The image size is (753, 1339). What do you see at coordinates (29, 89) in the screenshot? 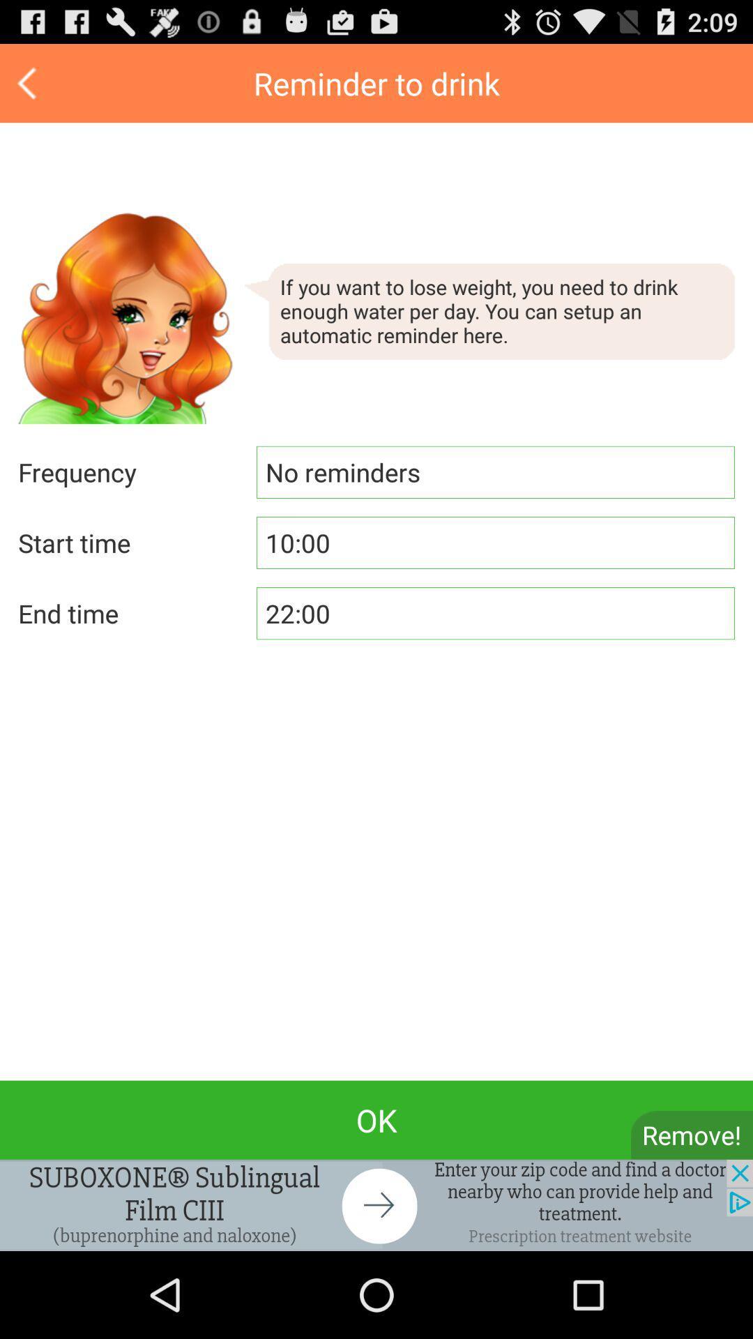
I see `the arrow_backward icon` at bounding box center [29, 89].